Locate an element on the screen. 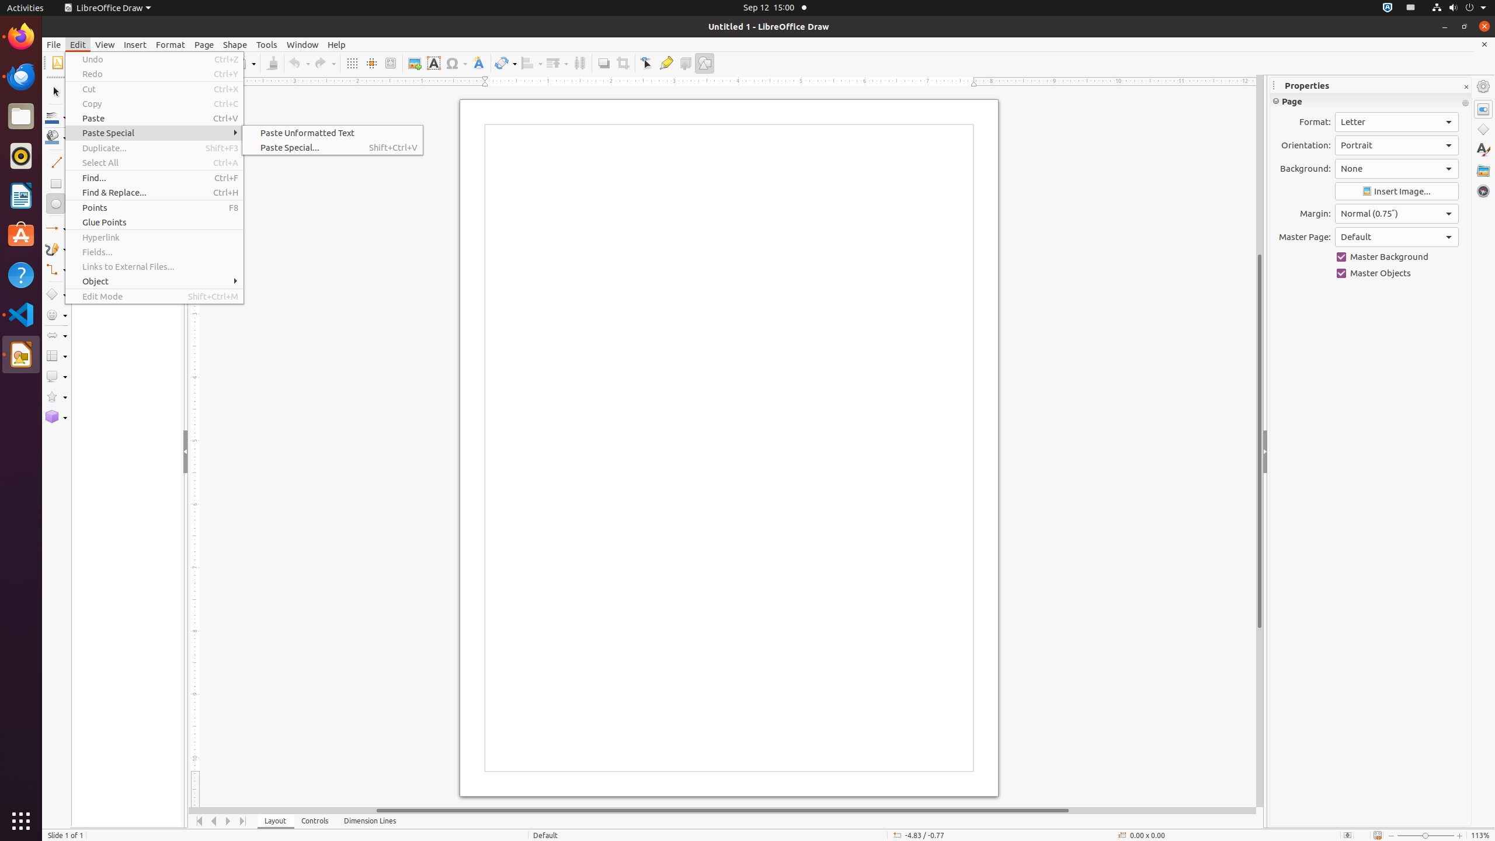  'Find & Replace...' is located at coordinates (154, 192).